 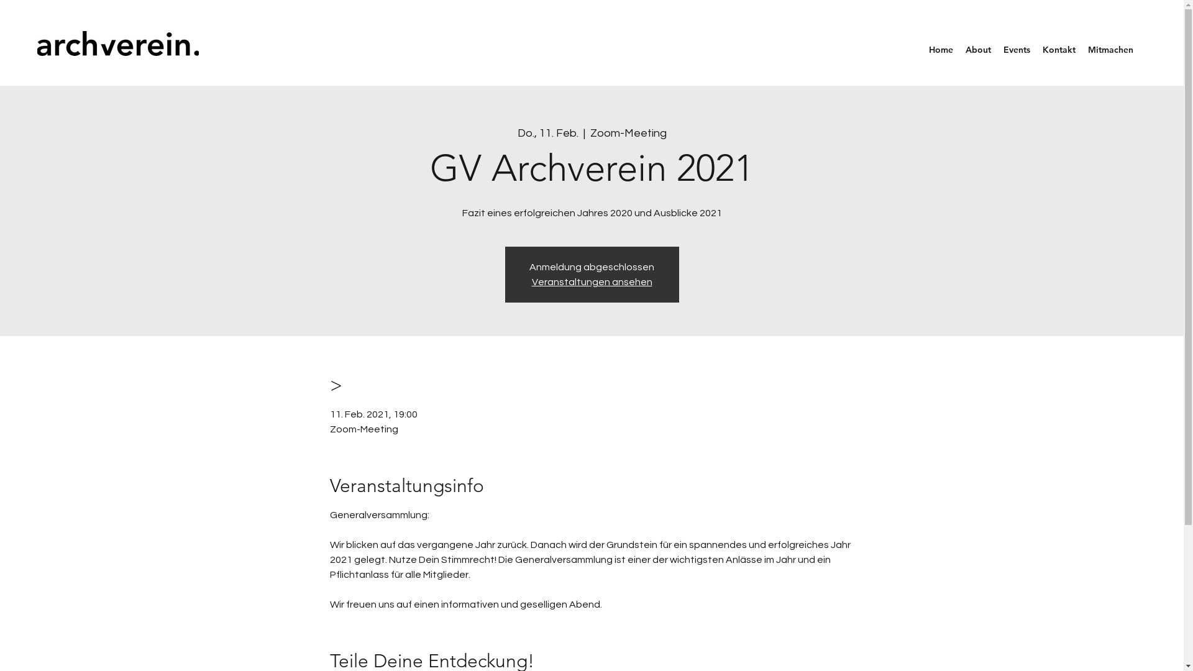 What do you see at coordinates (118, 42) in the screenshot?
I see `'02 Schriftzug.png'` at bounding box center [118, 42].